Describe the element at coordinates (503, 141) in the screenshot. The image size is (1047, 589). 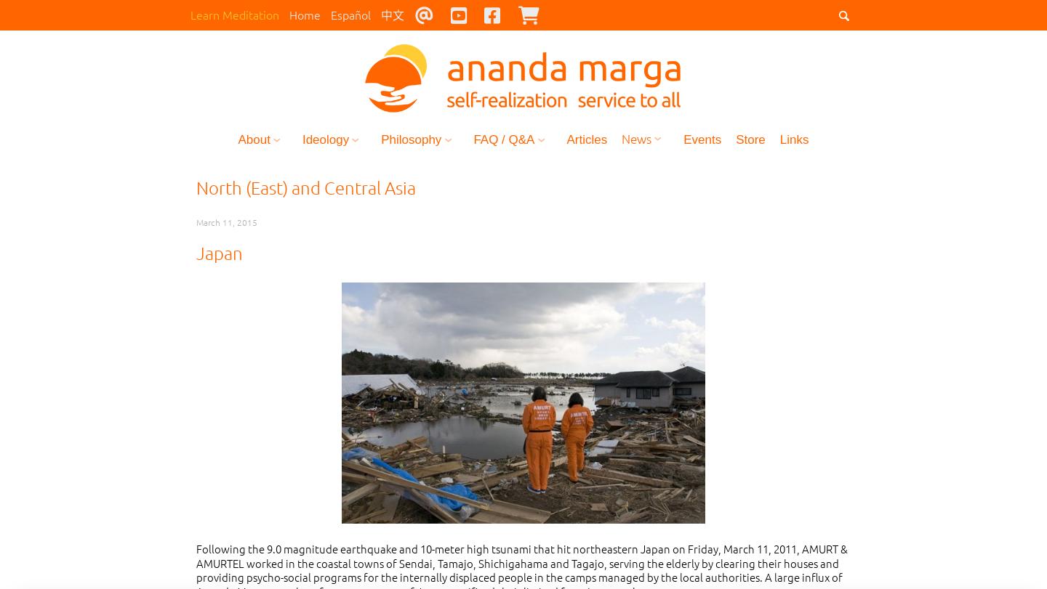
I see `'FAQ / Q&A'` at that location.